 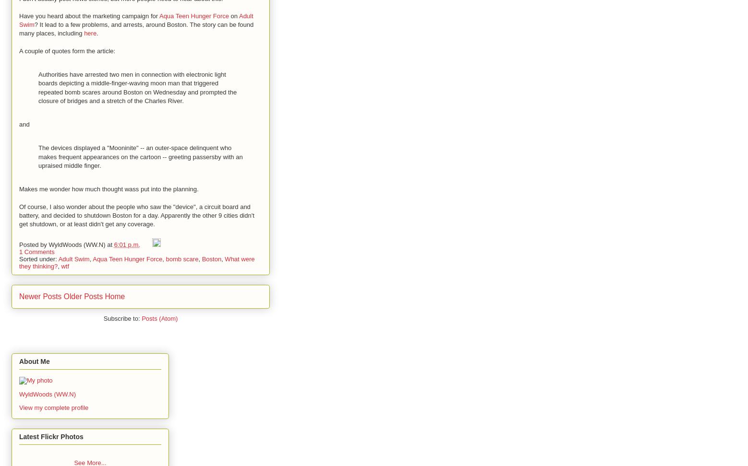 What do you see at coordinates (104, 296) in the screenshot?
I see `'Home'` at bounding box center [104, 296].